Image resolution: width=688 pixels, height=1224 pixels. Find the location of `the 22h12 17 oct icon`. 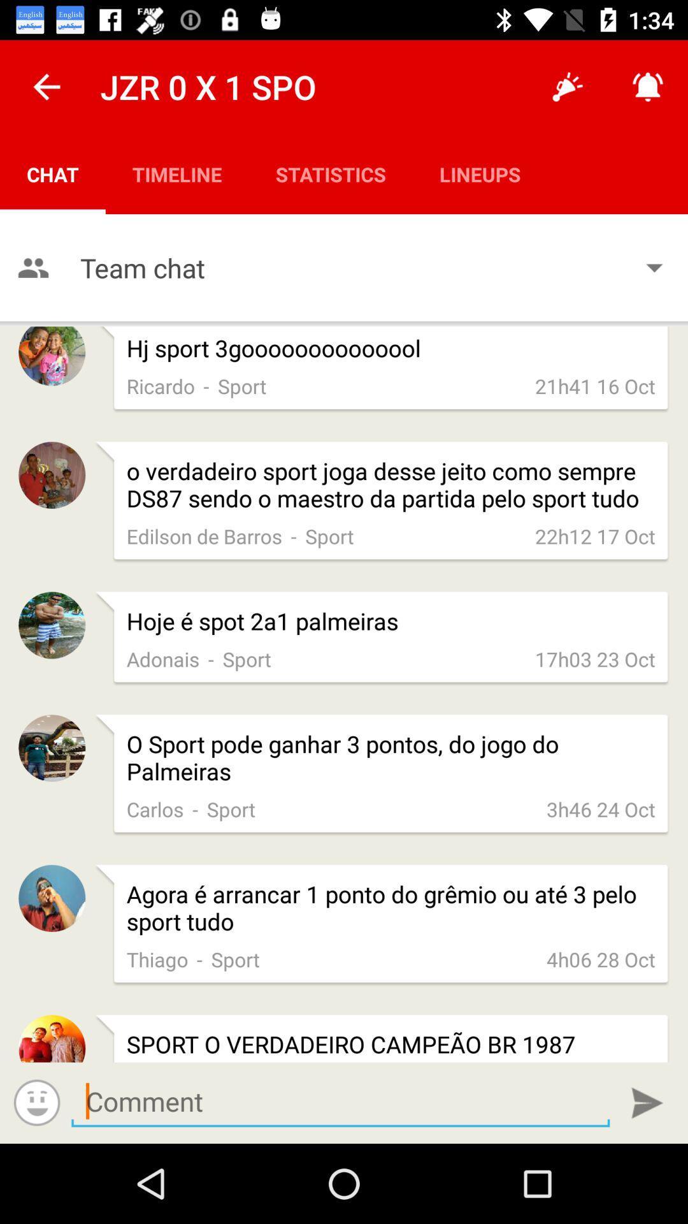

the 22h12 17 oct icon is located at coordinates (595, 536).